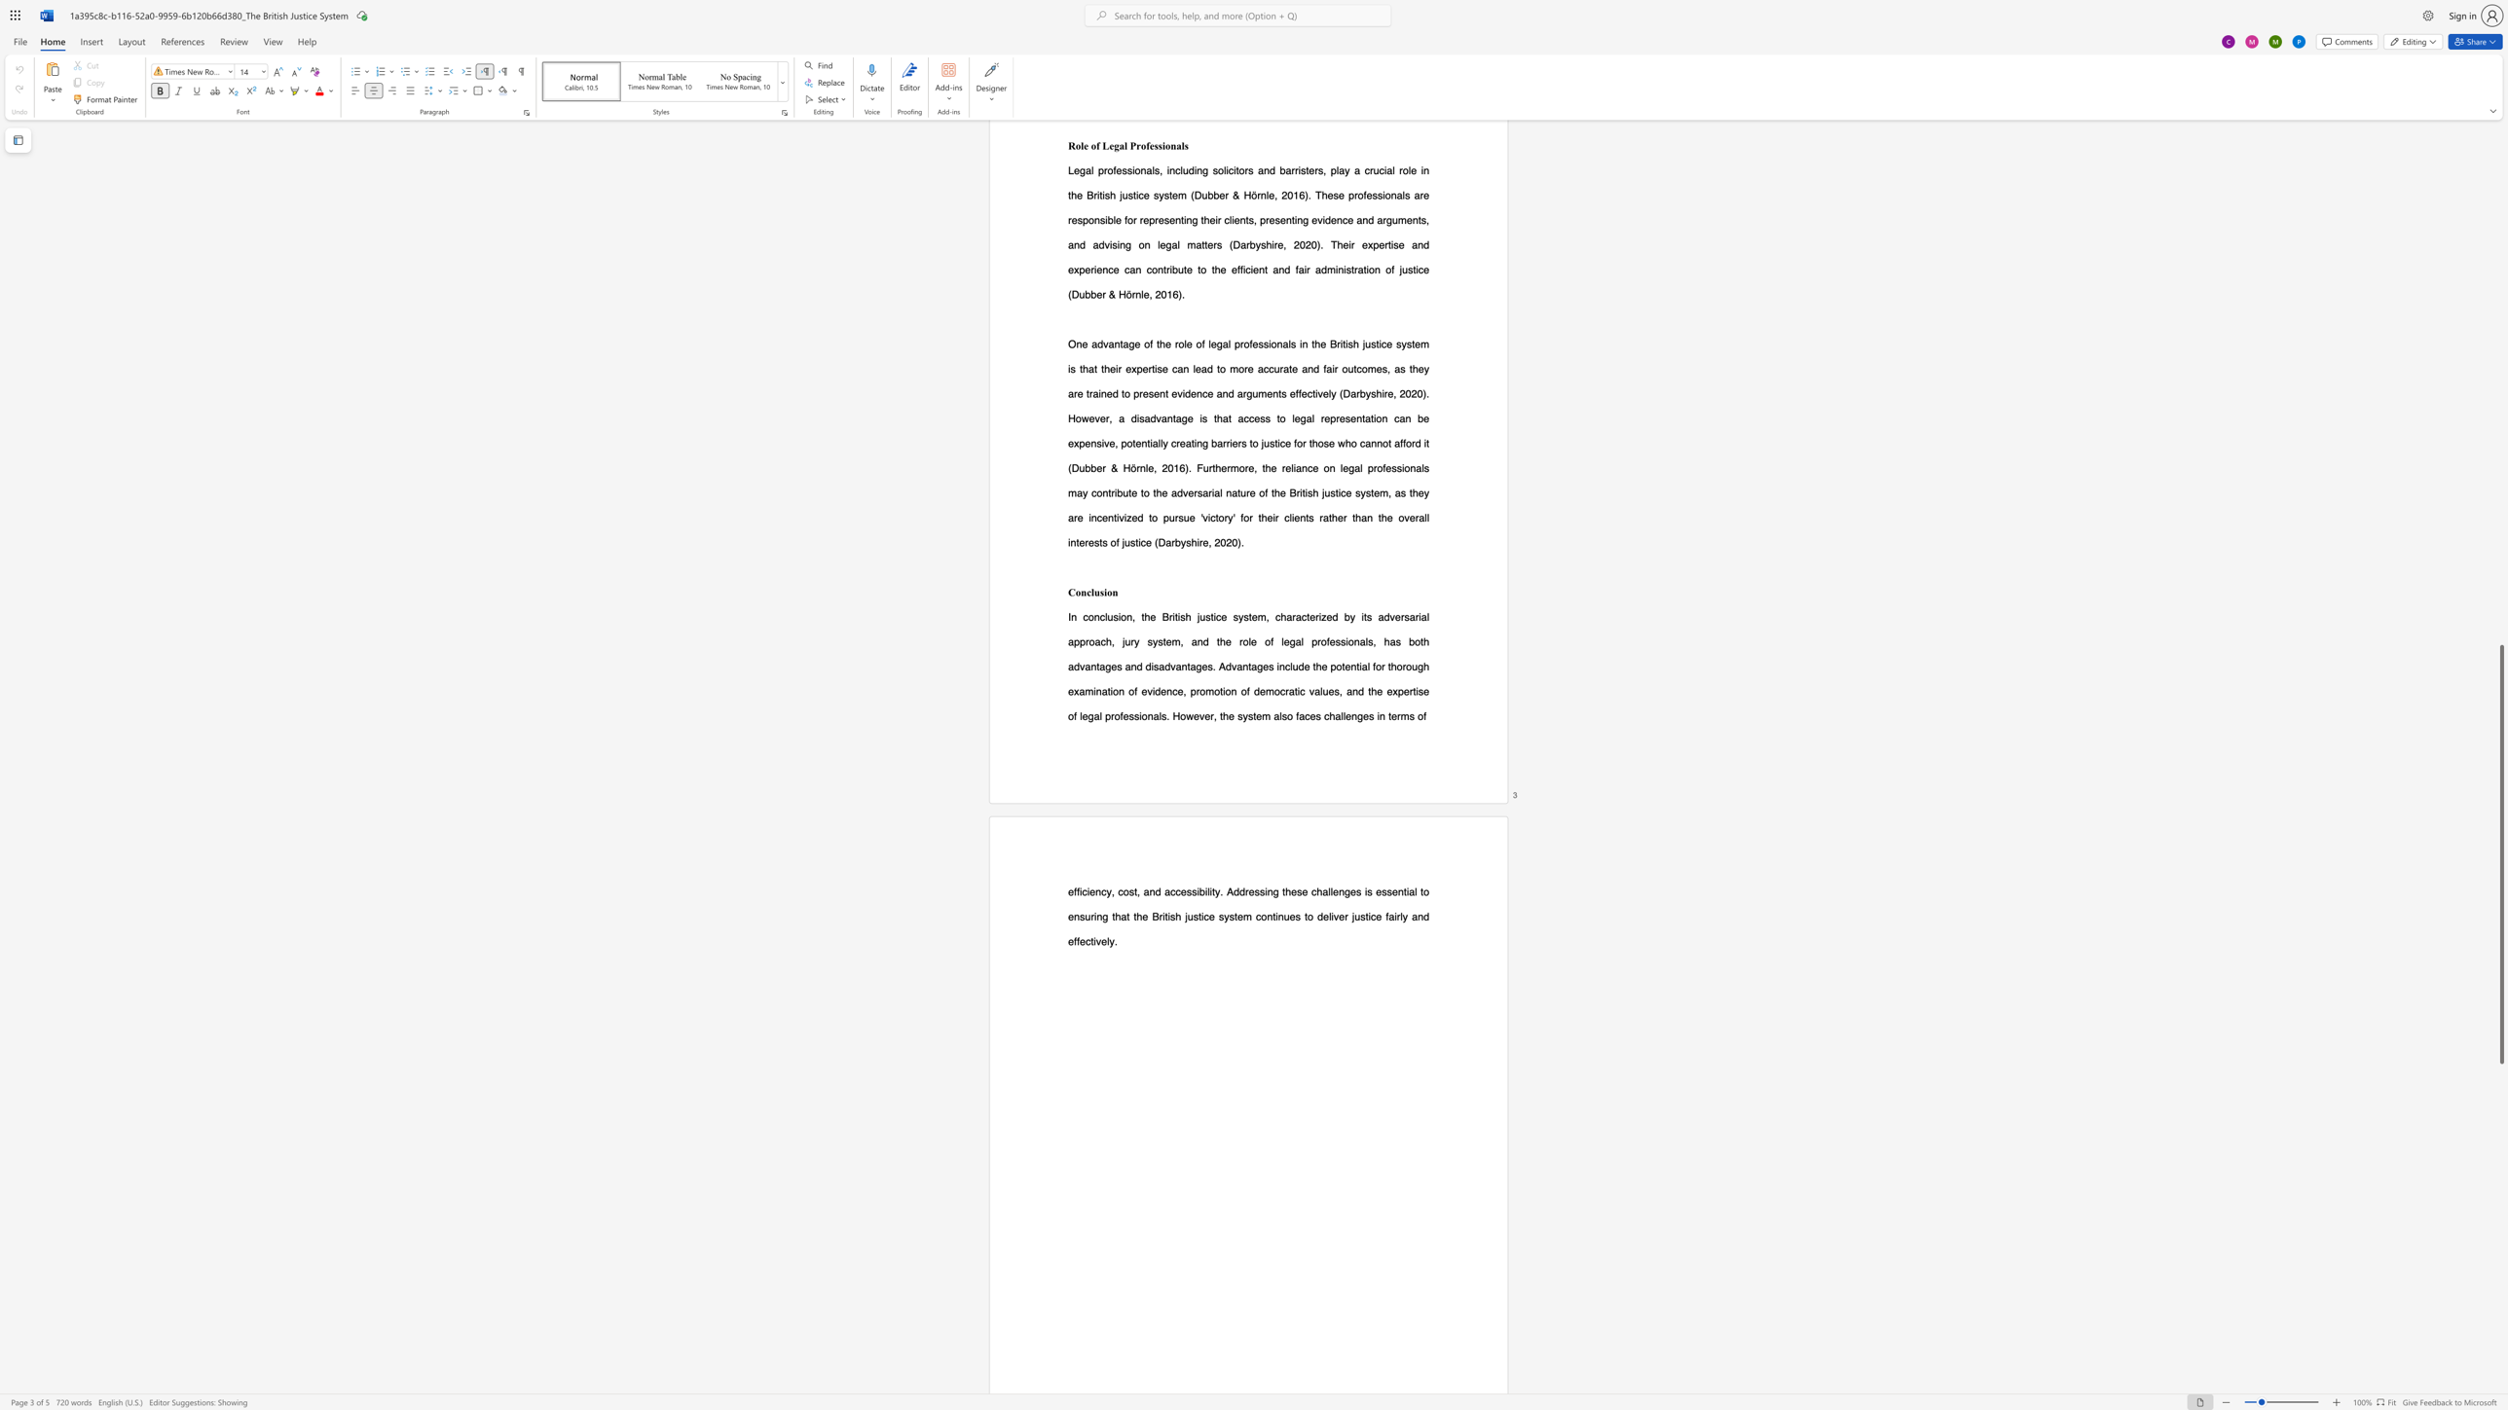 The image size is (2508, 1410). I want to click on the scrollbar to scroll upward, so click(2500, 515).